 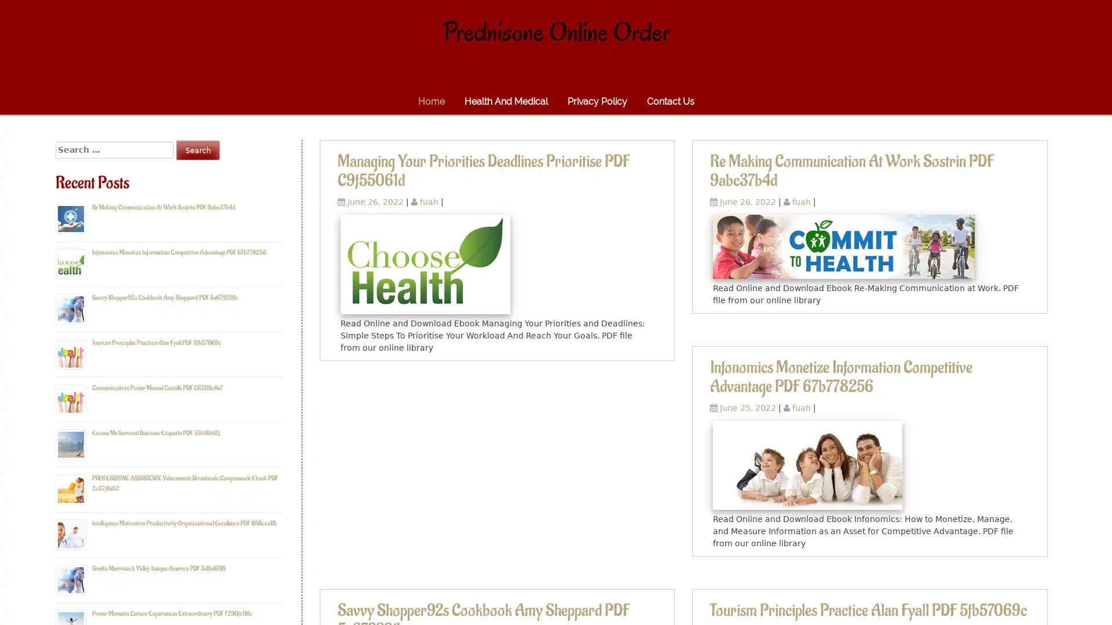 What do you see at coordinates (197, 149) in the screenshot?
I see `Search` at bounding box center [197, 149].